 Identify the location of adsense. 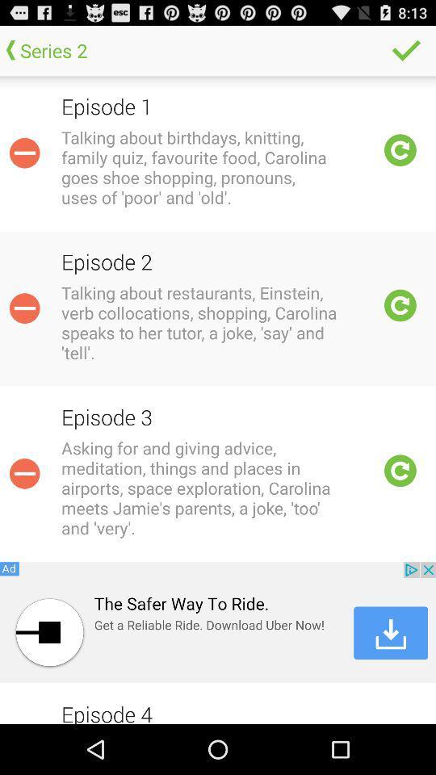
(218, 622).